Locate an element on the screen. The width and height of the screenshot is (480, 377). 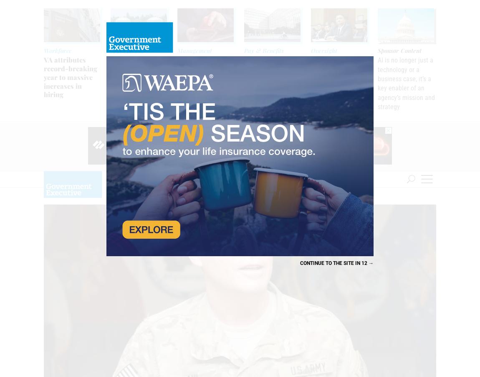
'Workforce' is located at coordinates (57, 50).